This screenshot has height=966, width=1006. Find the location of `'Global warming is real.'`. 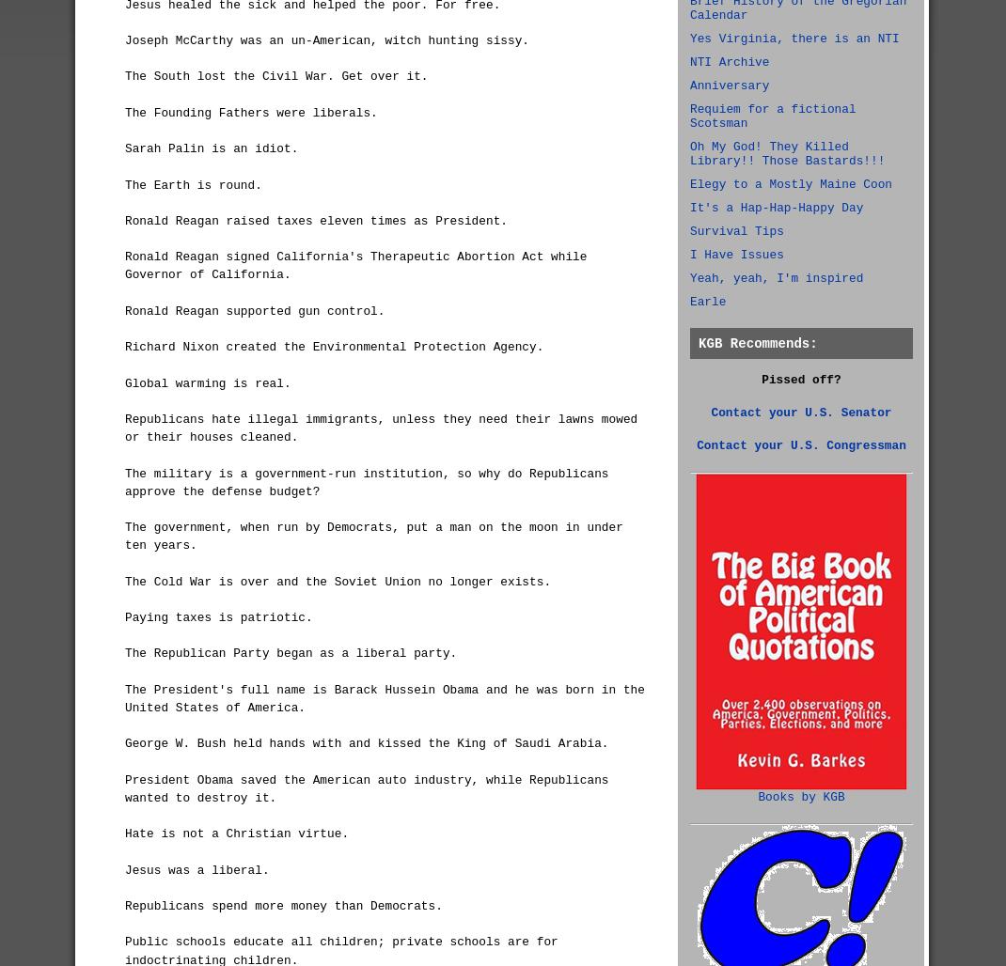

'Global warming is real.' is located at coordinates (206, 382).